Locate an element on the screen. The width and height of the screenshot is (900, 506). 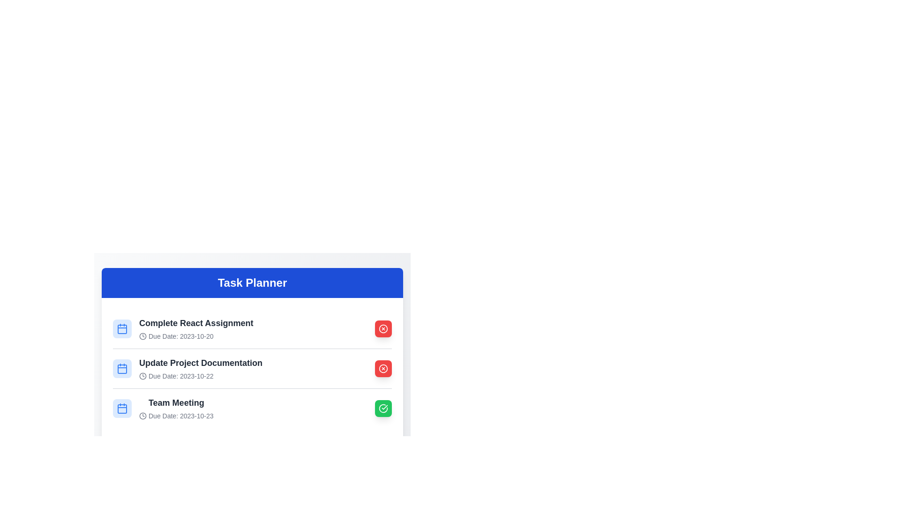
due date information from the text snippet displaying 'Due Date: 2023-10-23', which is styled in a smaller gray font and is located below the 'Team Meeting' label in the task list is located at coordinates (176, 415).